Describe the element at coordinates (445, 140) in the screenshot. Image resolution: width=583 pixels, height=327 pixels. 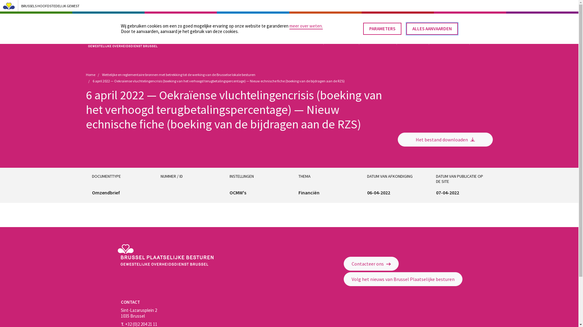
I see `'Het bestand downloaden'` at that location.